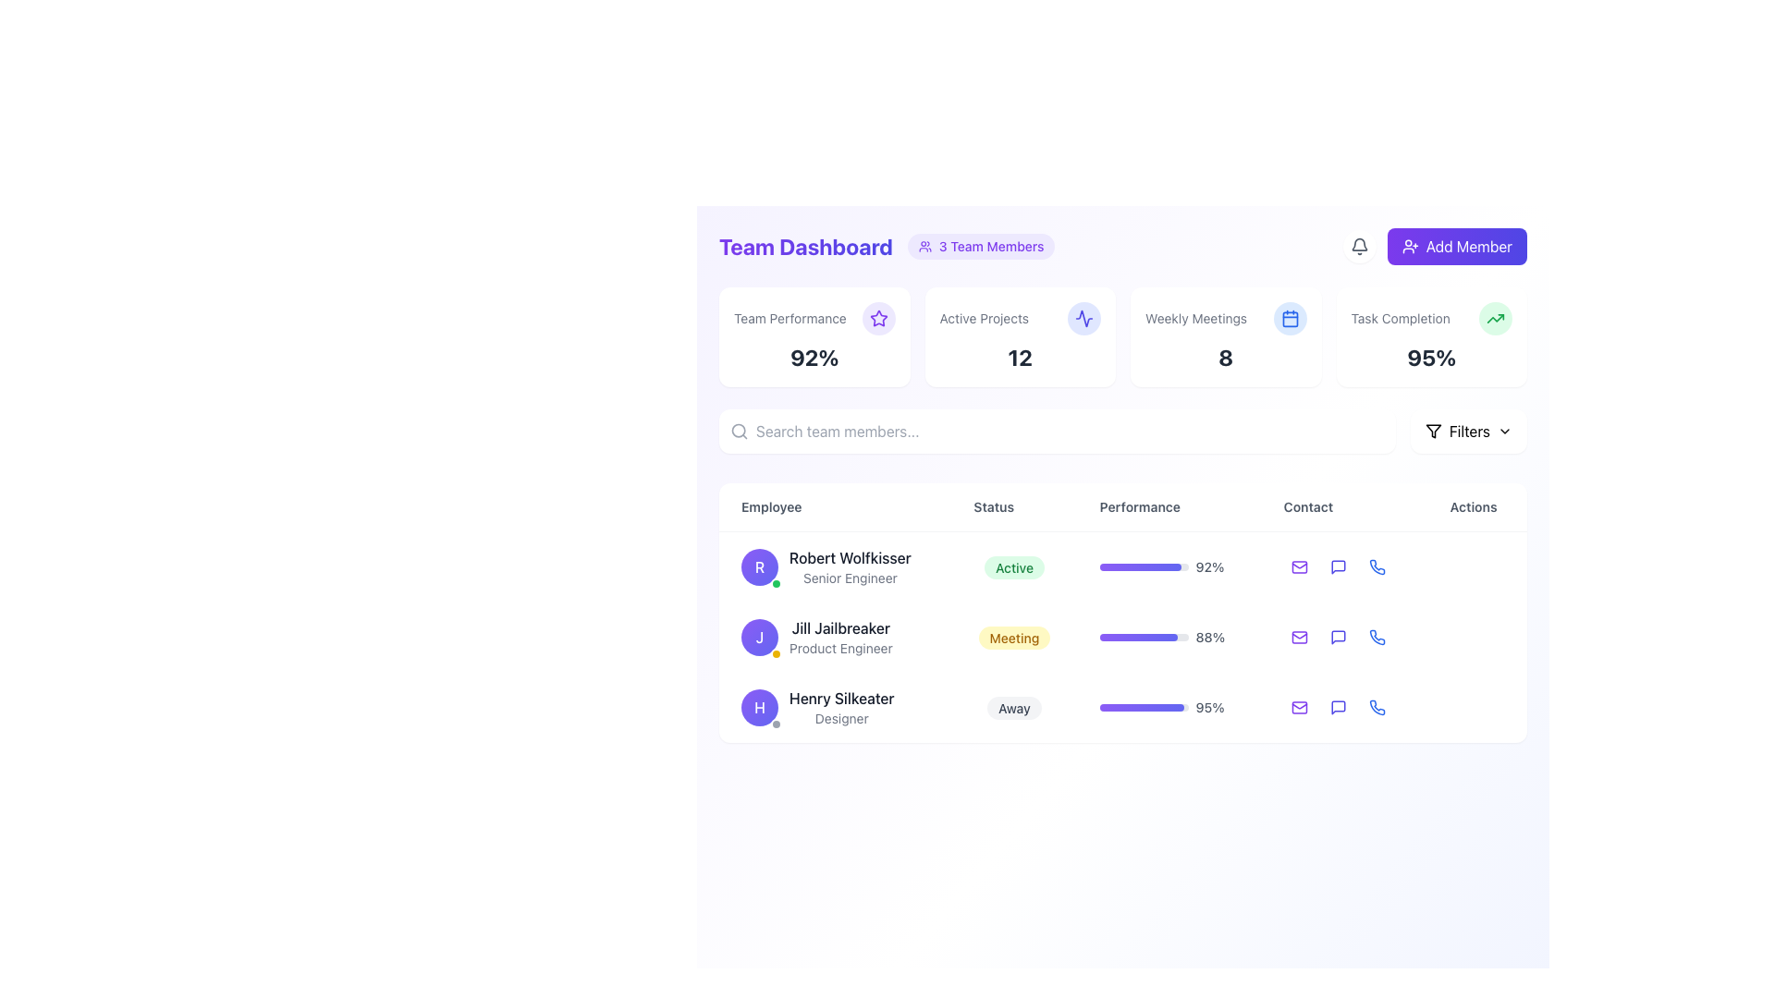  I want to click on the phone call icon in the 'Contact' column of the table for 'Henry Silkeater', the designer, so click(1377, 566).